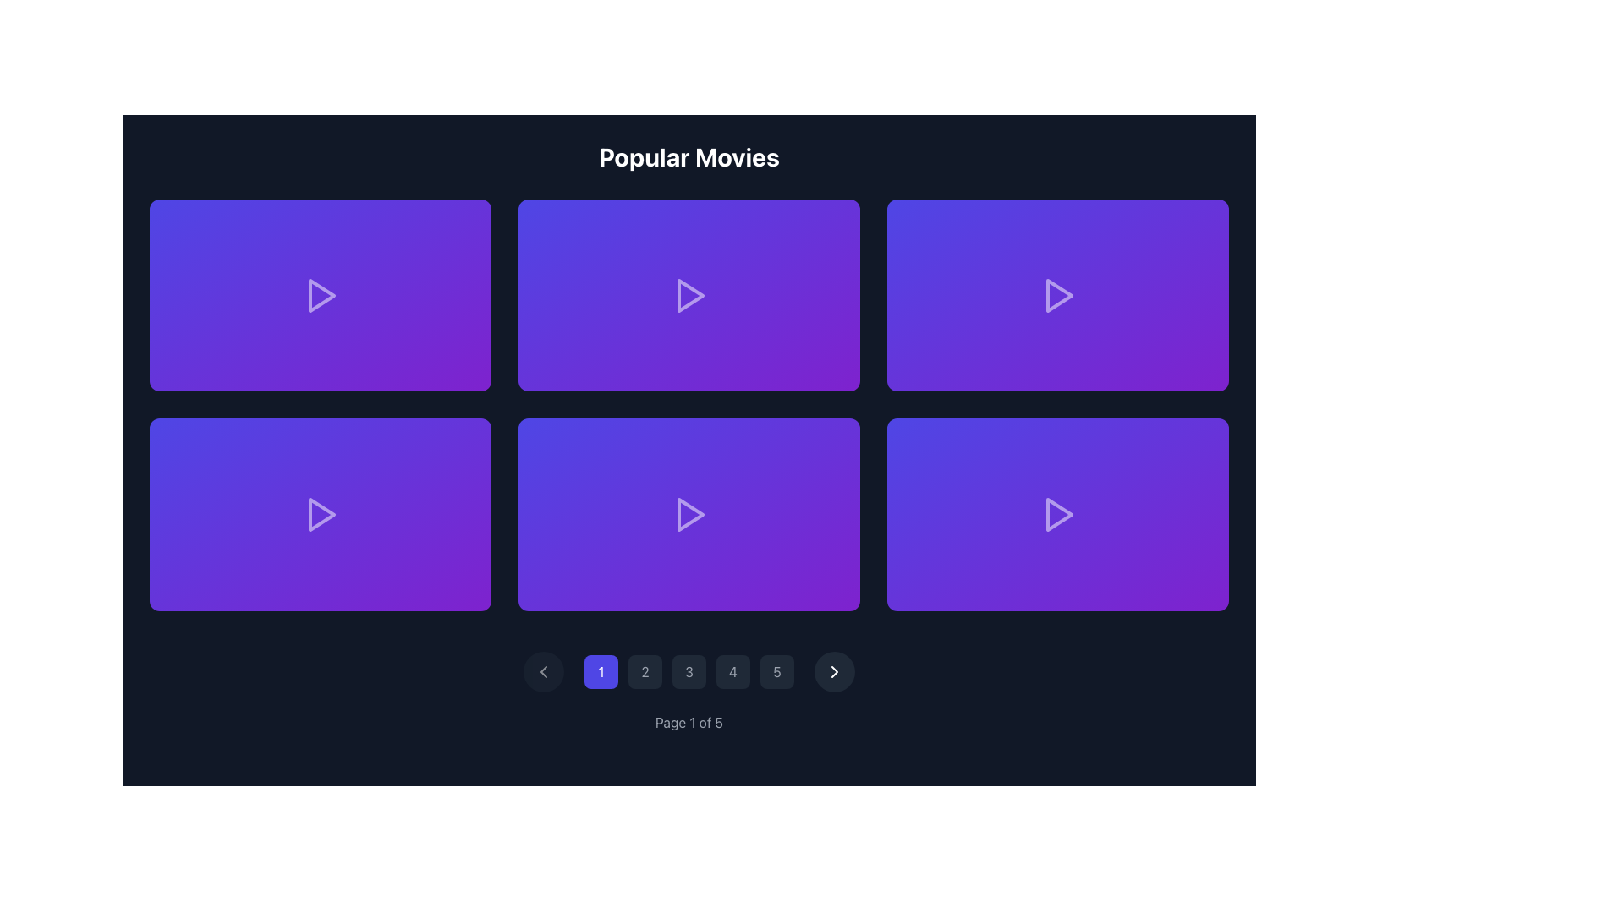 The width and height of the screenshot is (1624, 913). I want to click on the circular button labeled with the number '2' in a dark gray background, so click(645, 670).